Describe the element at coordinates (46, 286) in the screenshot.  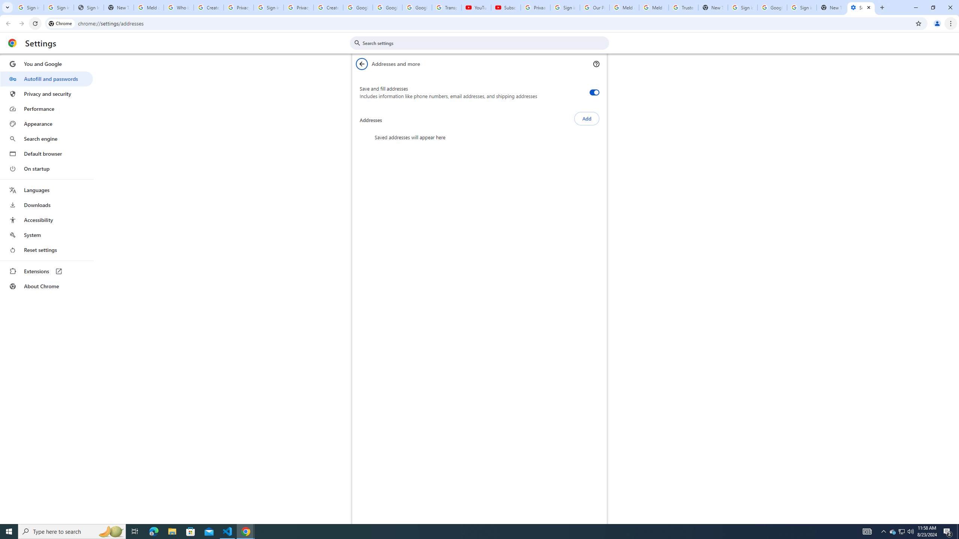
I see `'About Chrome'` at that location.